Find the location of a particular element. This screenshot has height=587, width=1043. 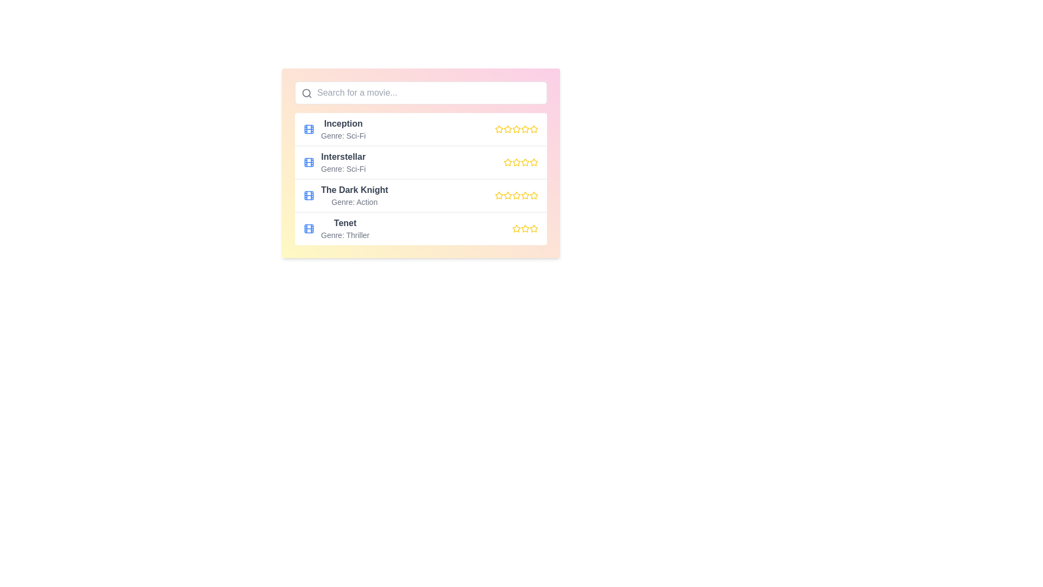

the fifth Rating Star Icon, which is yellow and outlined, located to the right of the movie title 'Inception' is located at coordinates (534, 129).